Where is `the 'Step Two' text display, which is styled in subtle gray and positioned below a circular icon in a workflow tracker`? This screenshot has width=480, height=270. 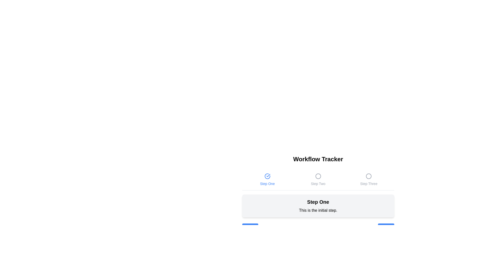 the 'Step Two' text display, which is styled in subtle gray and positioned below a circular icon in a workflow tracker is located at coordinates (318, 184).